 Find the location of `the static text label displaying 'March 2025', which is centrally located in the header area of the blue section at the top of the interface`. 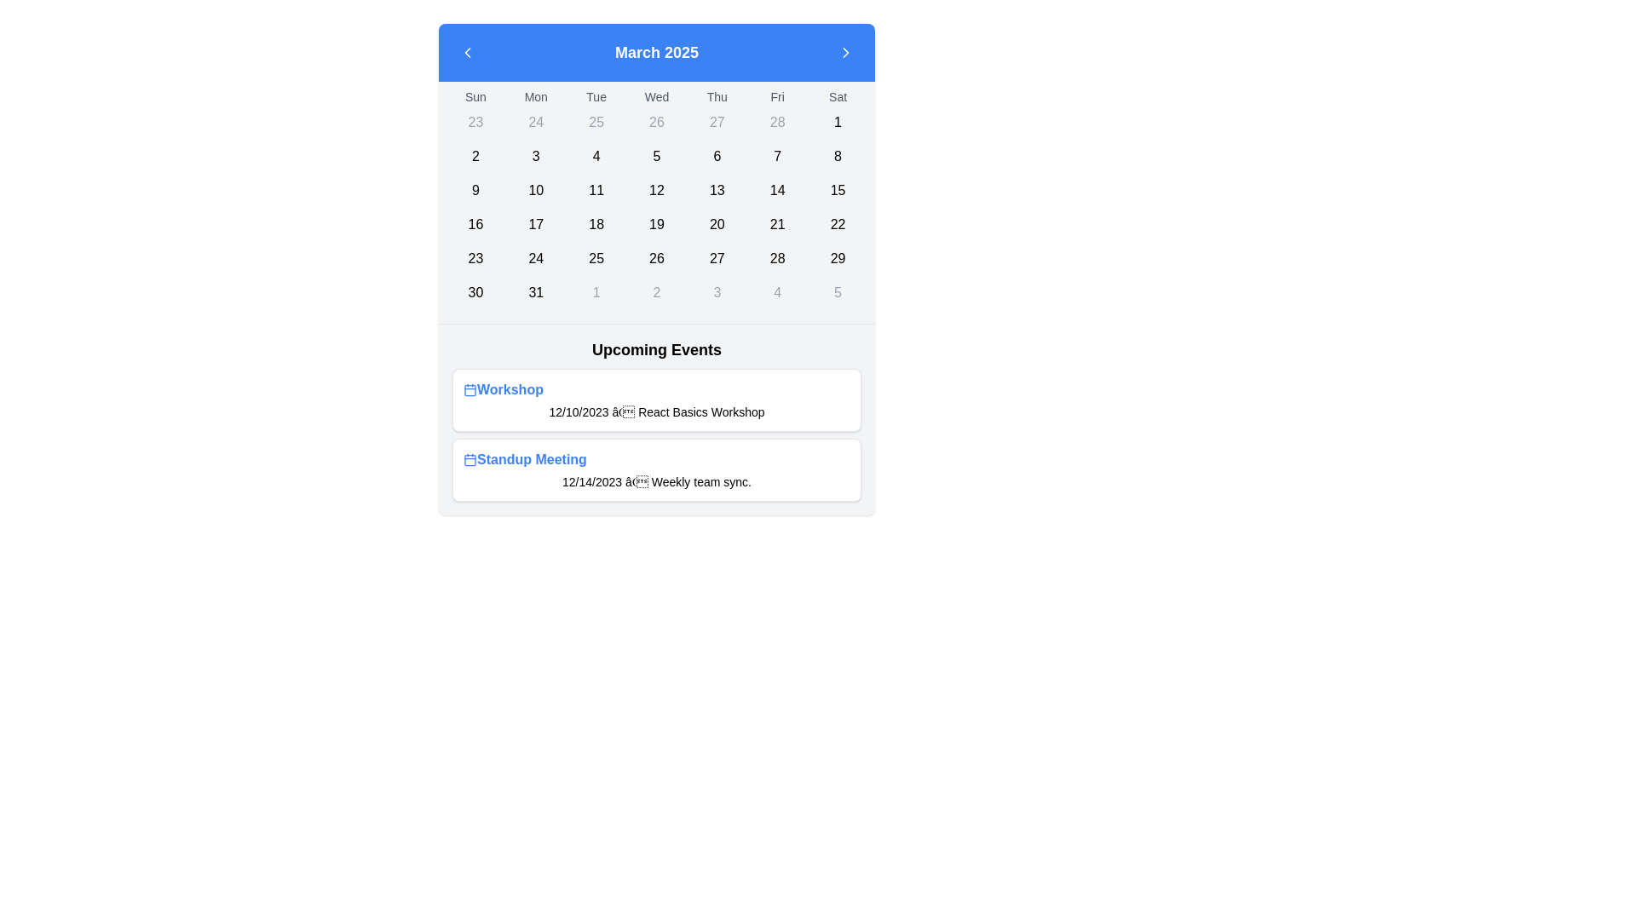

the static text label displaying 'March 2025', which is centrally located in the header area of the blue section at the top of the interface is located at coordinates (656, 51).